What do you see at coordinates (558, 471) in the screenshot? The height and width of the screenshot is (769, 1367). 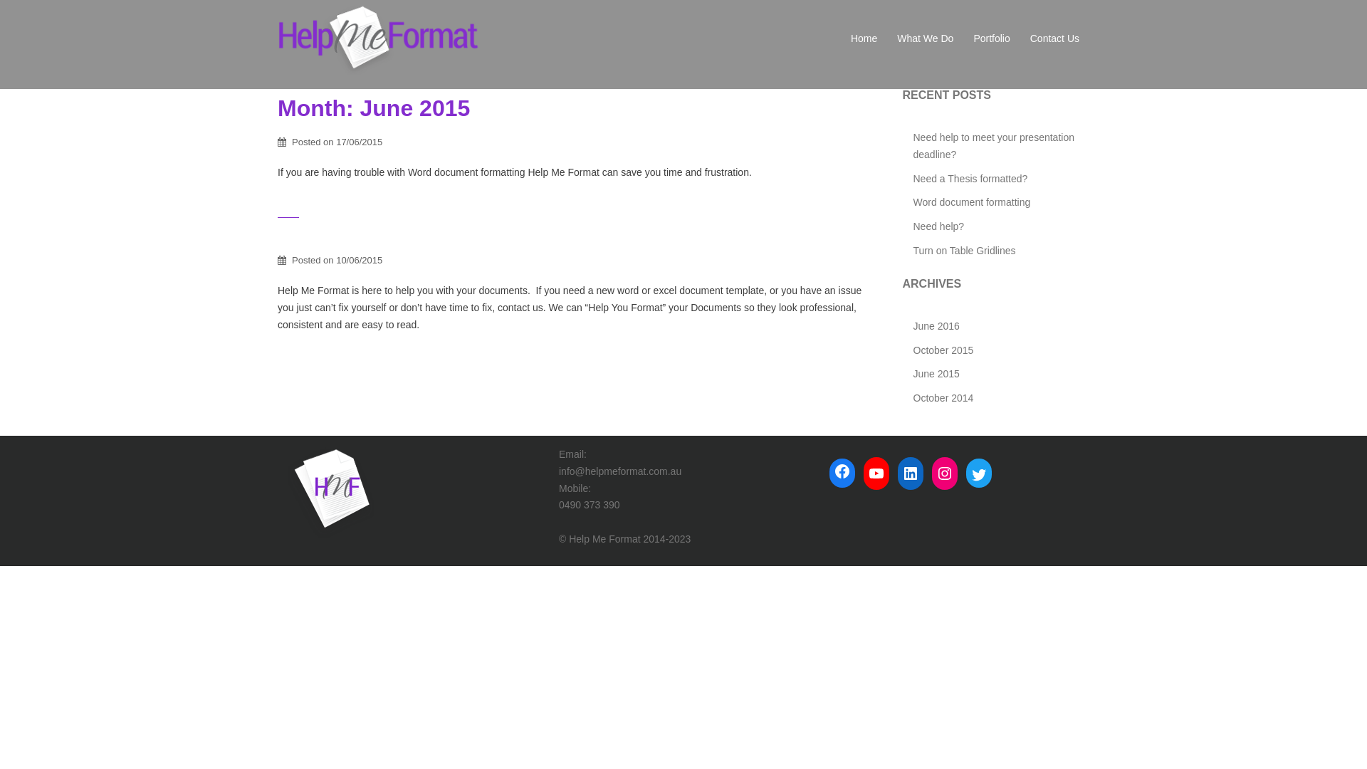 I see `'info@helpmeformat.com.au'` at bounding box center [558, 471].